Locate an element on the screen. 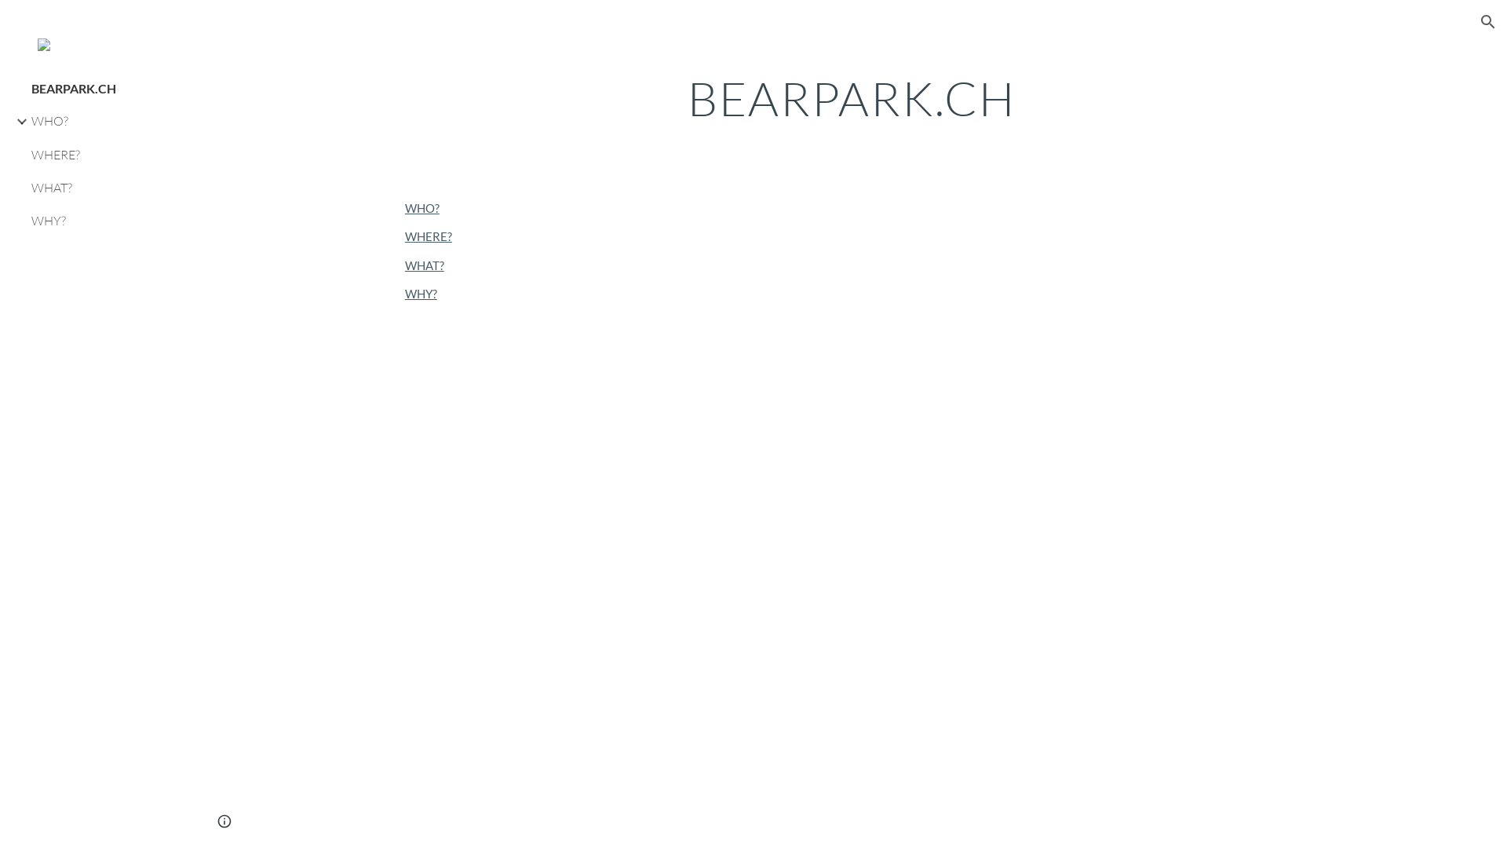 This screenshot has height=848, width=1507. 'BEARPARK.CH' is located at coordinates (107, 88).